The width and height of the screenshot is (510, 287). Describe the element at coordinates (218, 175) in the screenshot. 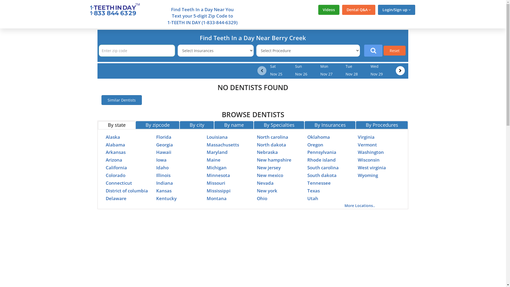

I see `'Minnesota'` at that location.